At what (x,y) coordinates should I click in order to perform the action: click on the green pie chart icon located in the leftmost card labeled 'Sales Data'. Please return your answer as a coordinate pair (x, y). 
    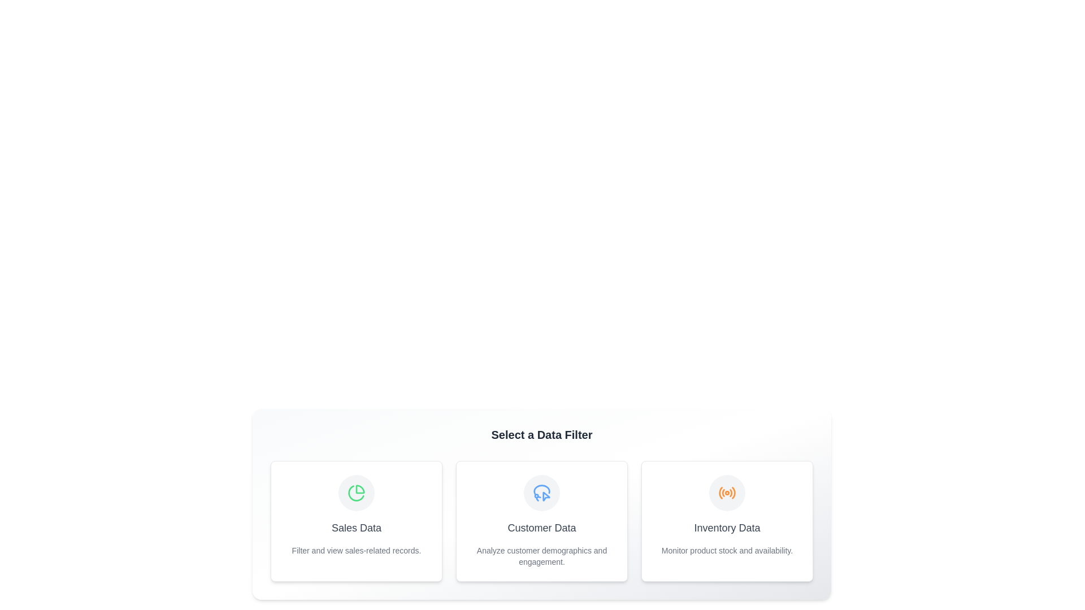
    Looking at the image, I should click on (355, 492).